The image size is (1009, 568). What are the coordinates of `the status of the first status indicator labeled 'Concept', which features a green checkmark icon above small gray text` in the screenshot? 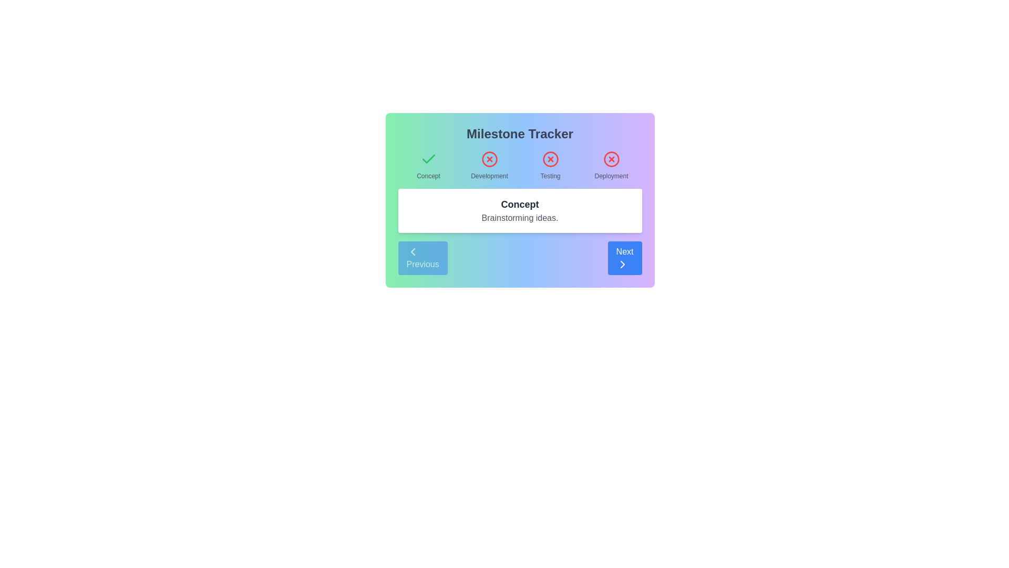 It's located at (428, 166).